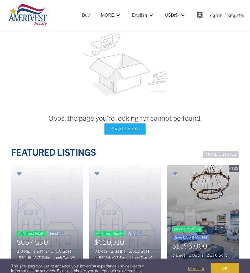 The height and width of the screenshot is (273, 250). I want to click on 'MORE LISTINGS', so click(221, 153).